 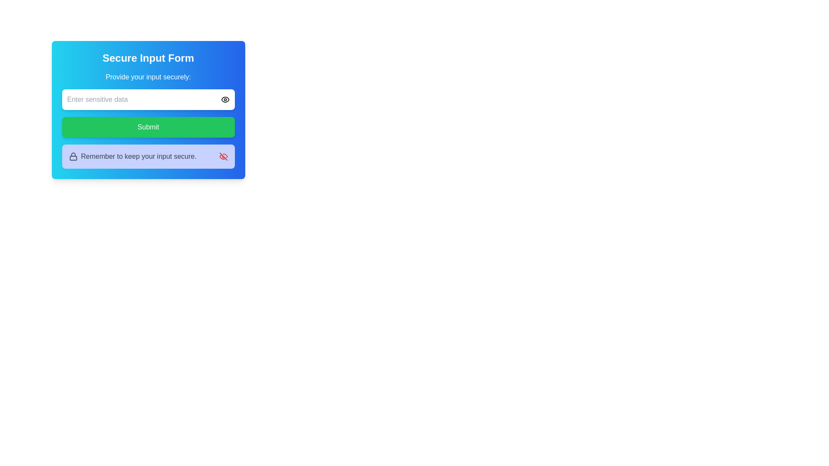 I want to click on the small eye icon button located at the far right of the text input field, so click(x=225, y=99).